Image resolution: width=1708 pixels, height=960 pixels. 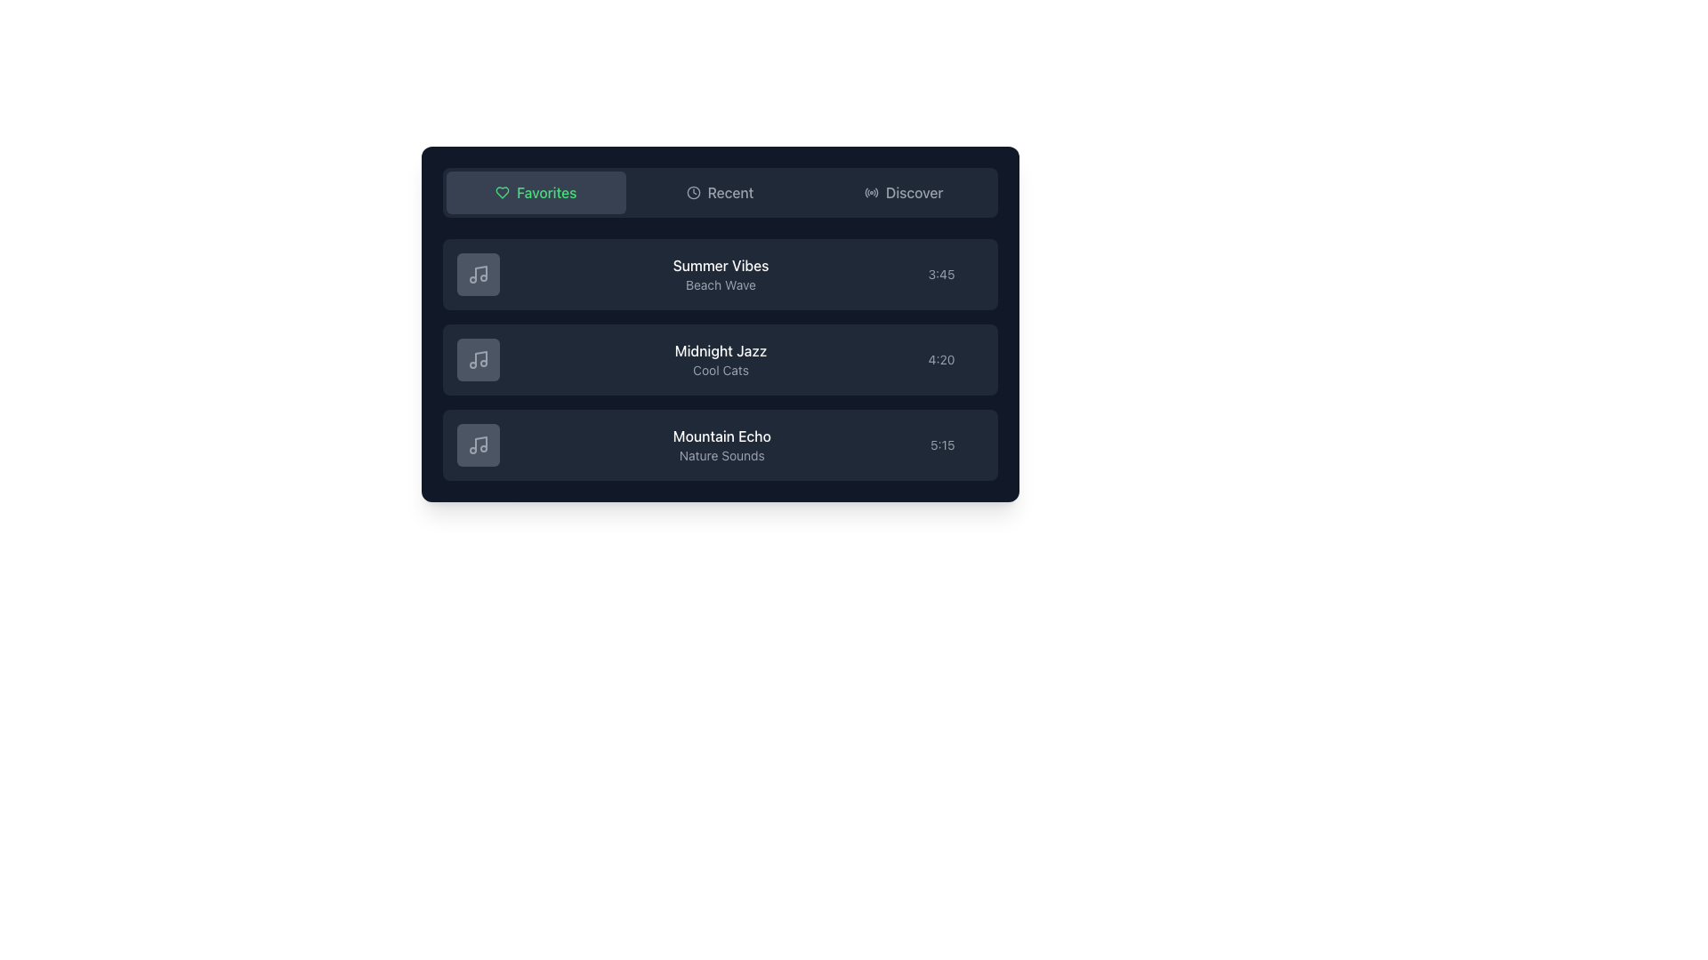 What do you see at coordinates (941, 444) in the screenshot?
I see `the static text label displaying the time '5:15', which is styled in gray and positioned to the left of a circular clickable icon in a dark-themed card interface` at bounding box center [941, 444].